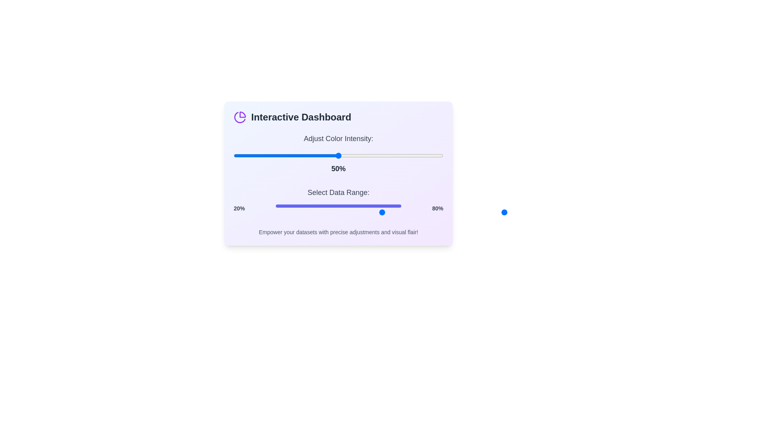 This screenshot has width=762, height=428. Describe the element at coordinates (361, 212) in the screenshot. I see `the slider` at that location.